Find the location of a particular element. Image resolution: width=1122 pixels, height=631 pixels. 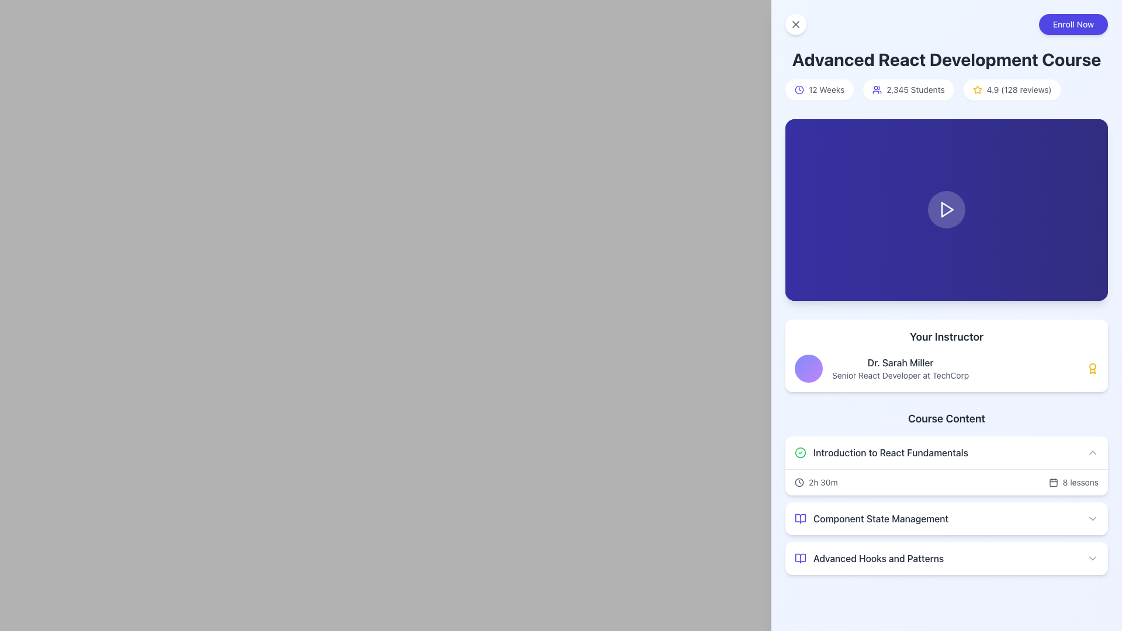

the text label reading 'Introduction to React Fundamentals' located in the 'Course Content' section, positioned to the right of a green check icon is located at coordinates (890, 452).